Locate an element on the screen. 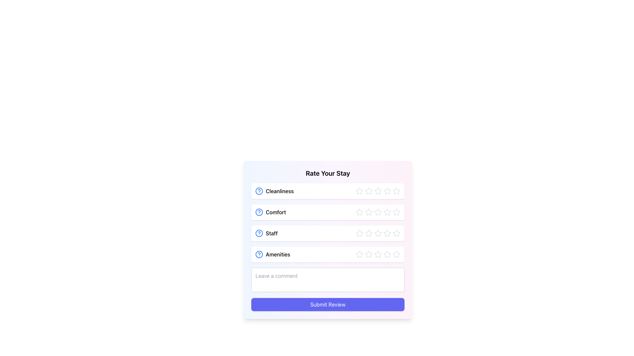 This screenshot has height=356, width=634. the first star button in the rating stars for the 'Amenities' section of the 'Rate Your Stay' form is located at coordinates (359, 254).